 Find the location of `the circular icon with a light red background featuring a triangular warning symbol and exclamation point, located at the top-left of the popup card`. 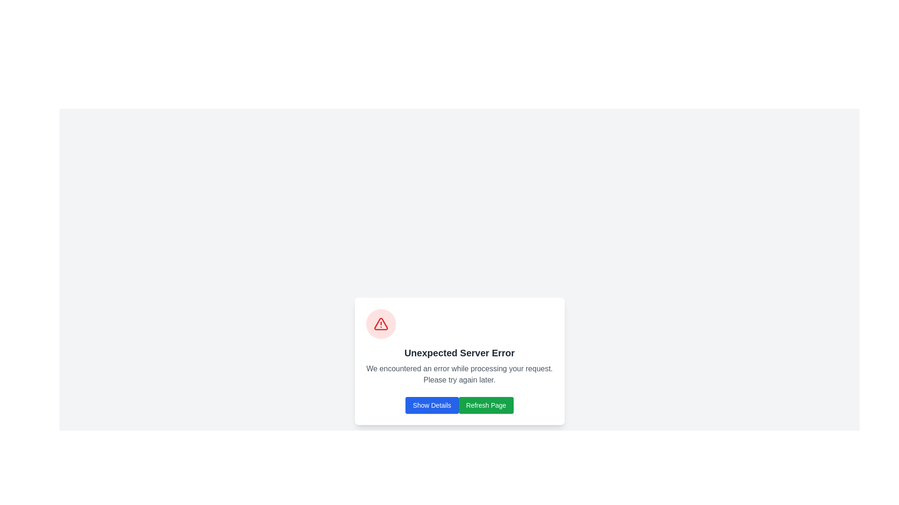

the circular icon with a light red background featuring a triangular warning symbol and exclamation point, located at the top-left of the popup card is located at coordinates (381, 324).